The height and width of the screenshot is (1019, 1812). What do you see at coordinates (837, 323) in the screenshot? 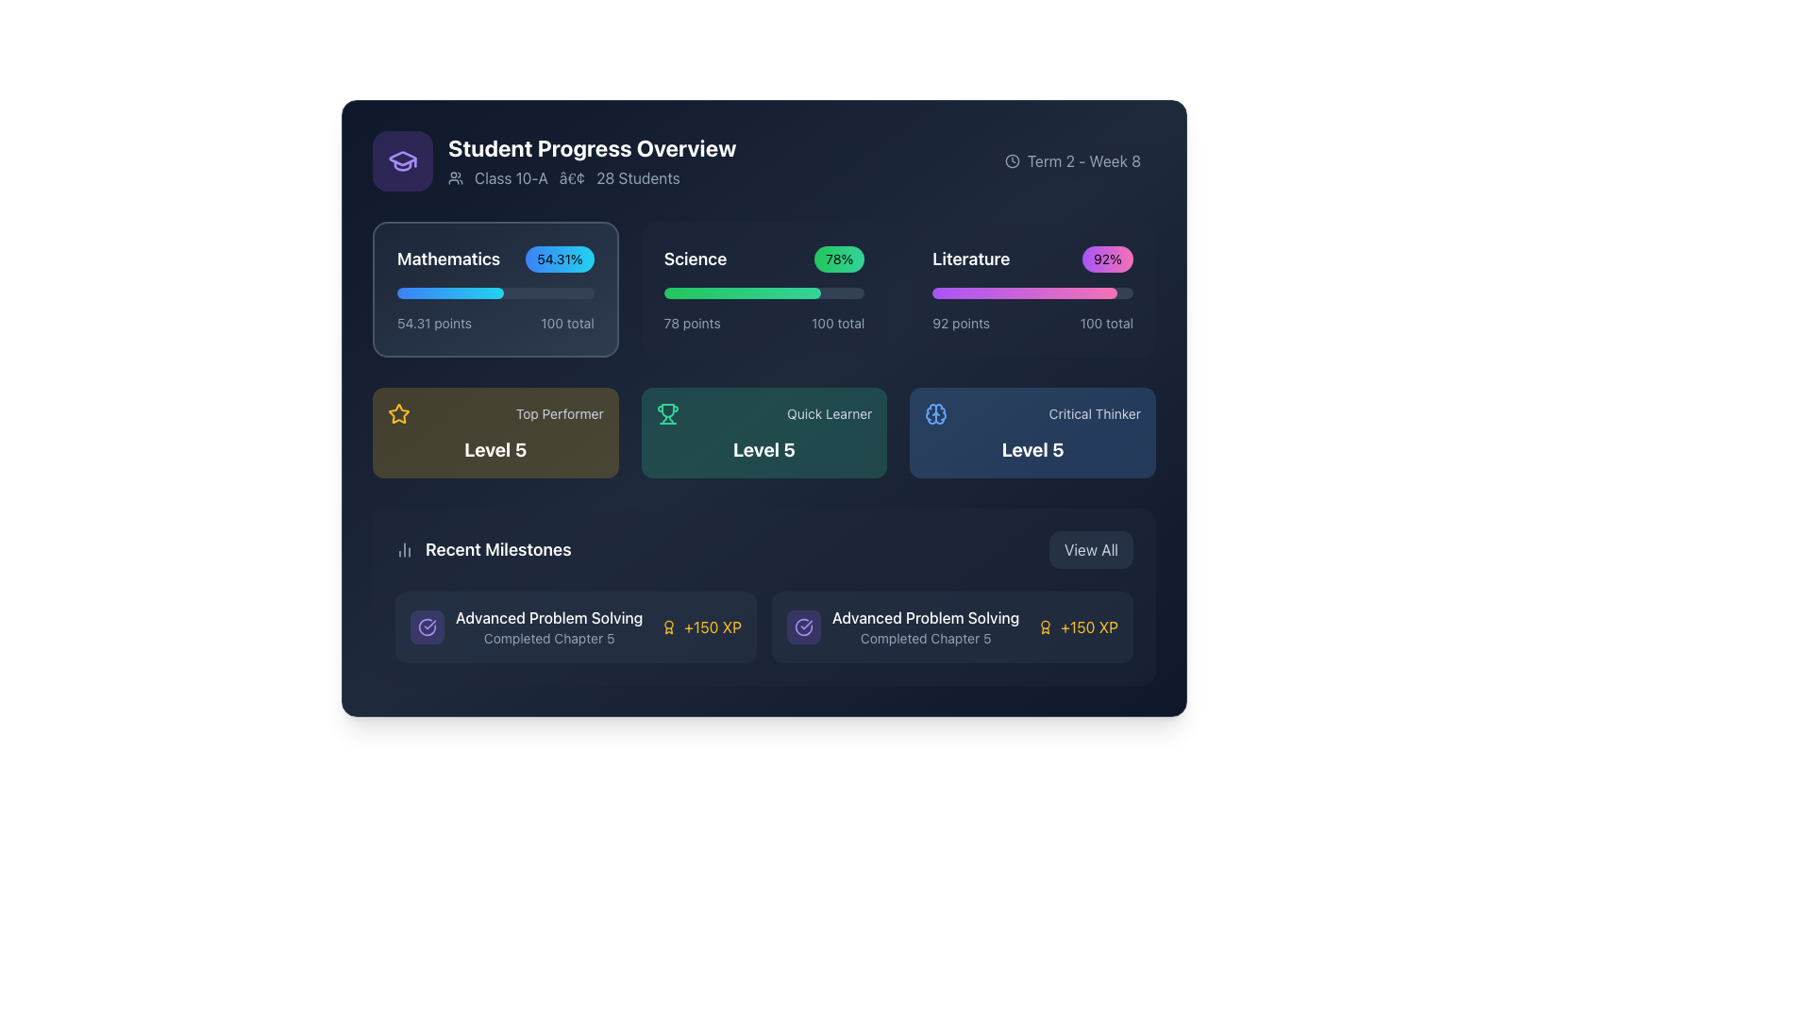
I see `the static label displaying '100 total' in gray font, located next to '78 points' within the 'Science' box` at bounding box center [837, 323].